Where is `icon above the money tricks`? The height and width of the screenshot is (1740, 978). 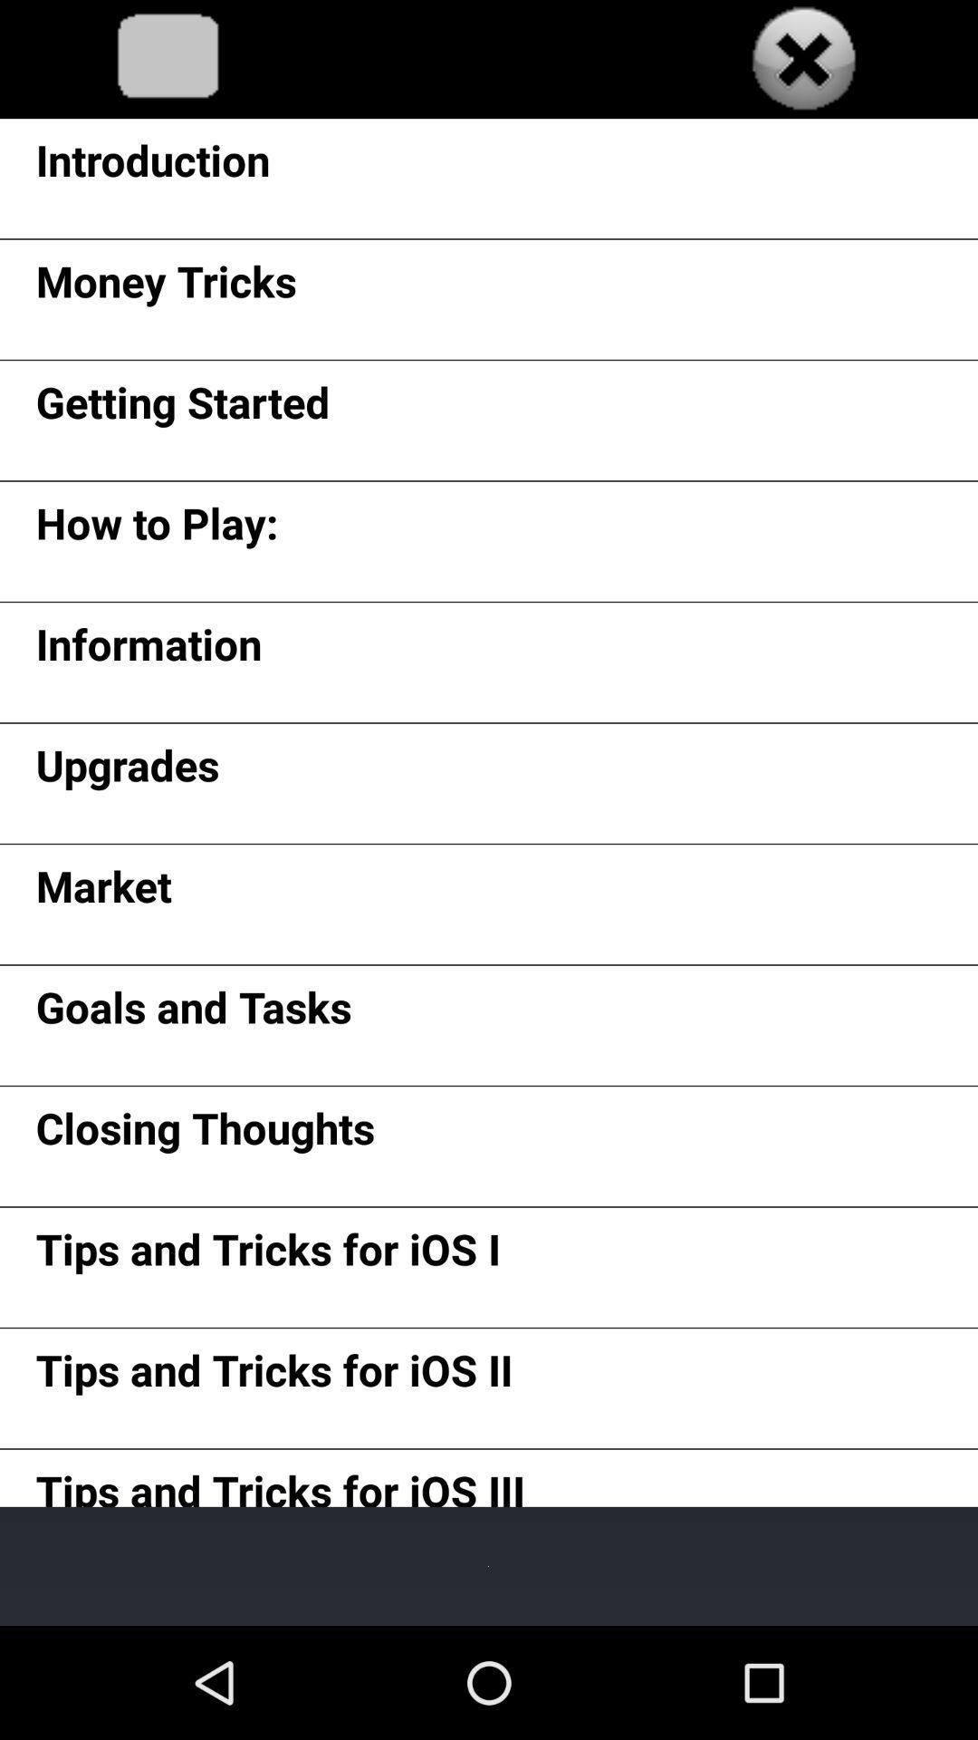
icon above the money tricks is located at coordinates (152, 167).